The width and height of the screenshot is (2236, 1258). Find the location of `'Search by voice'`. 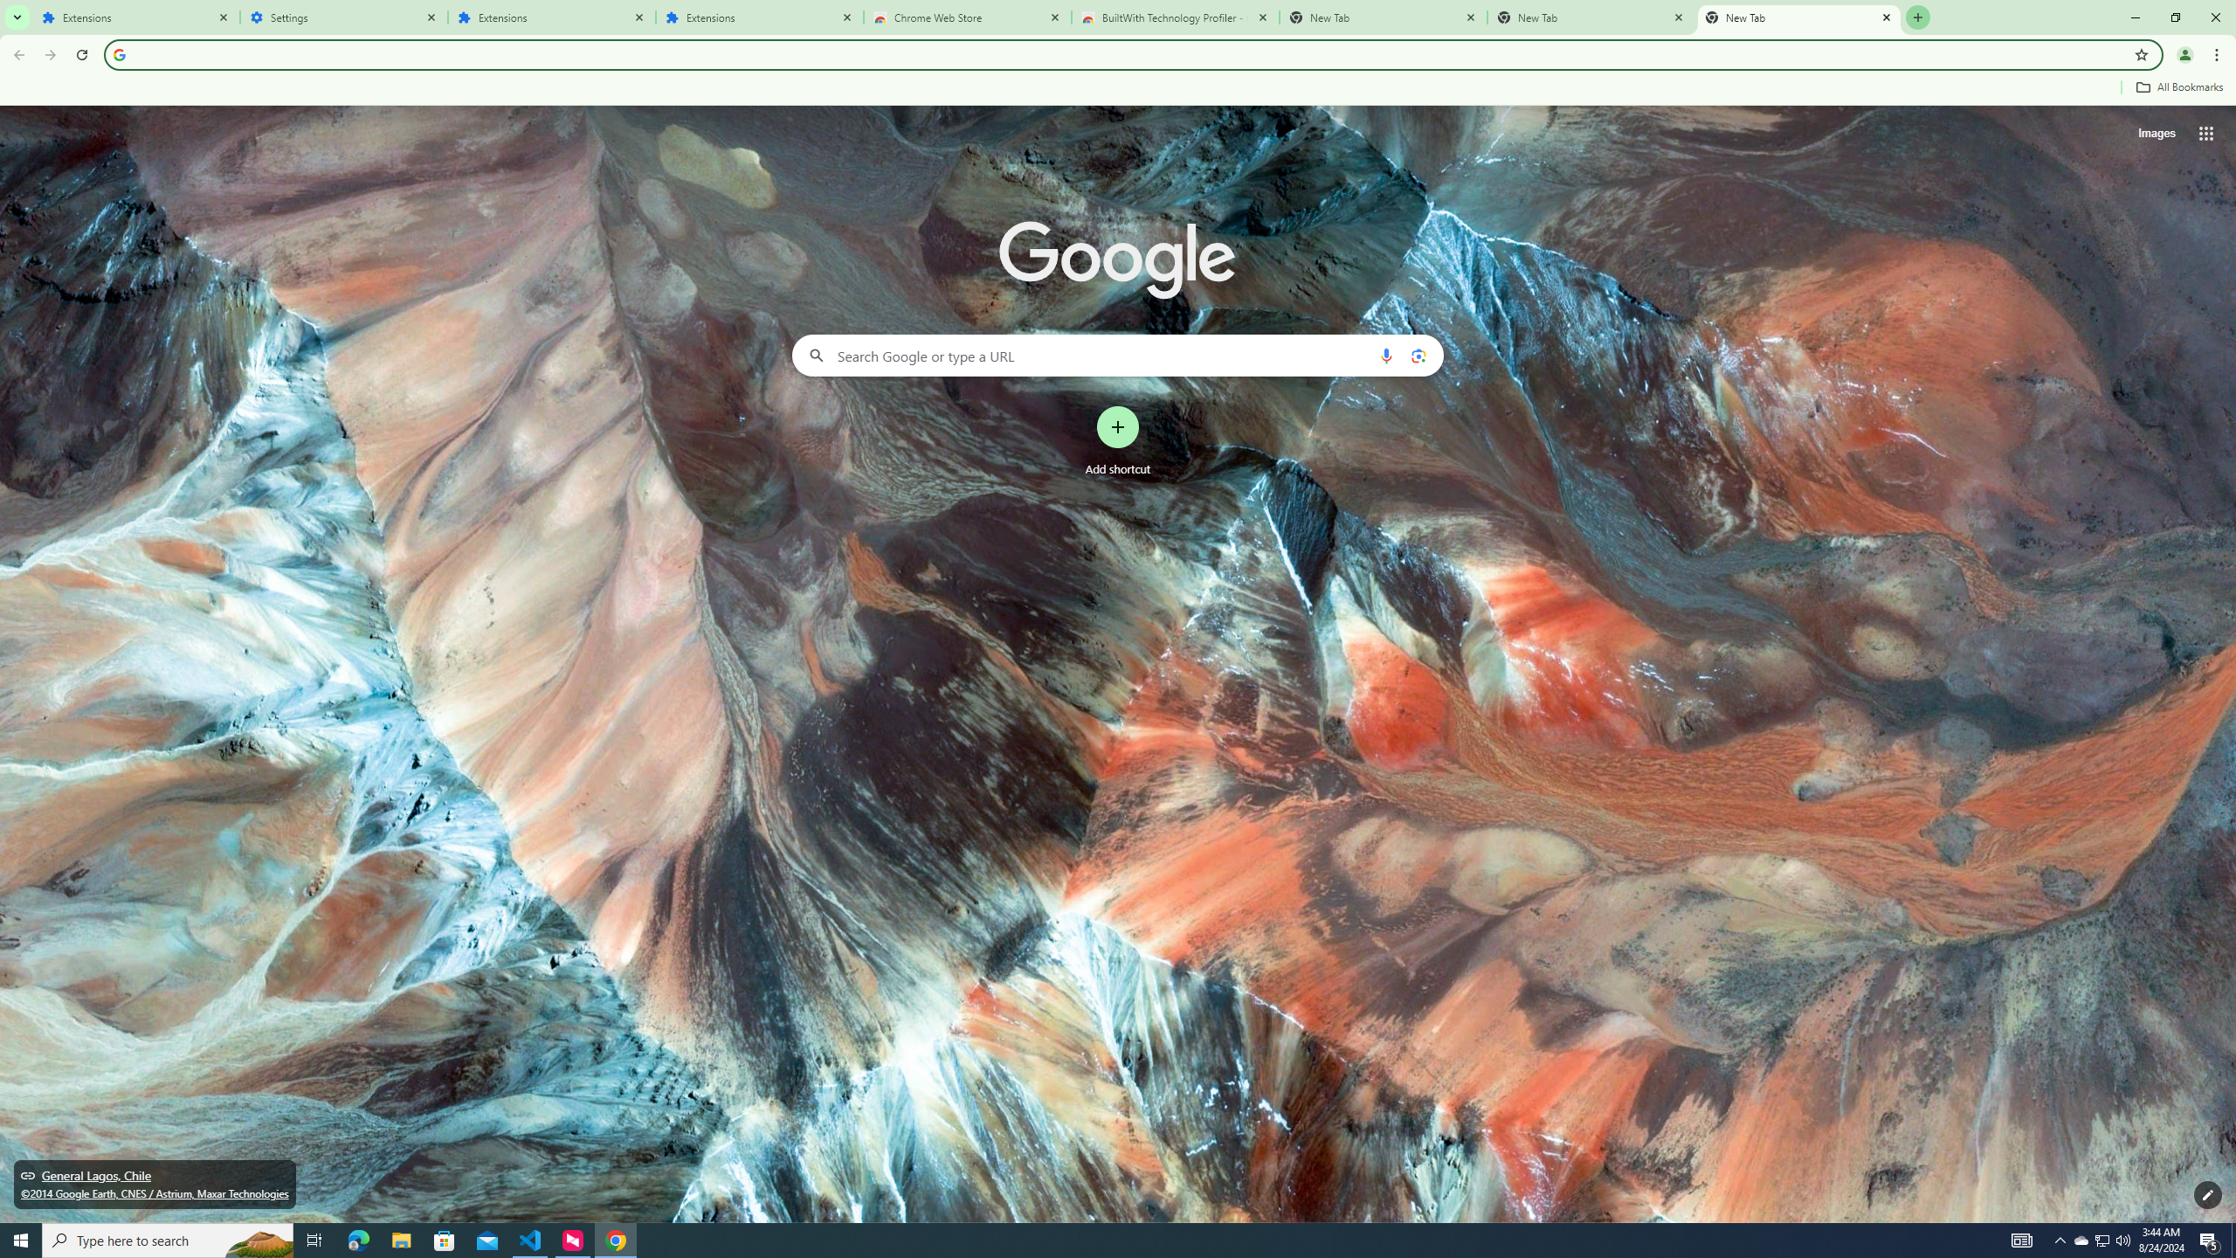

'Search by voice' is located at coordinates (1385, 354).